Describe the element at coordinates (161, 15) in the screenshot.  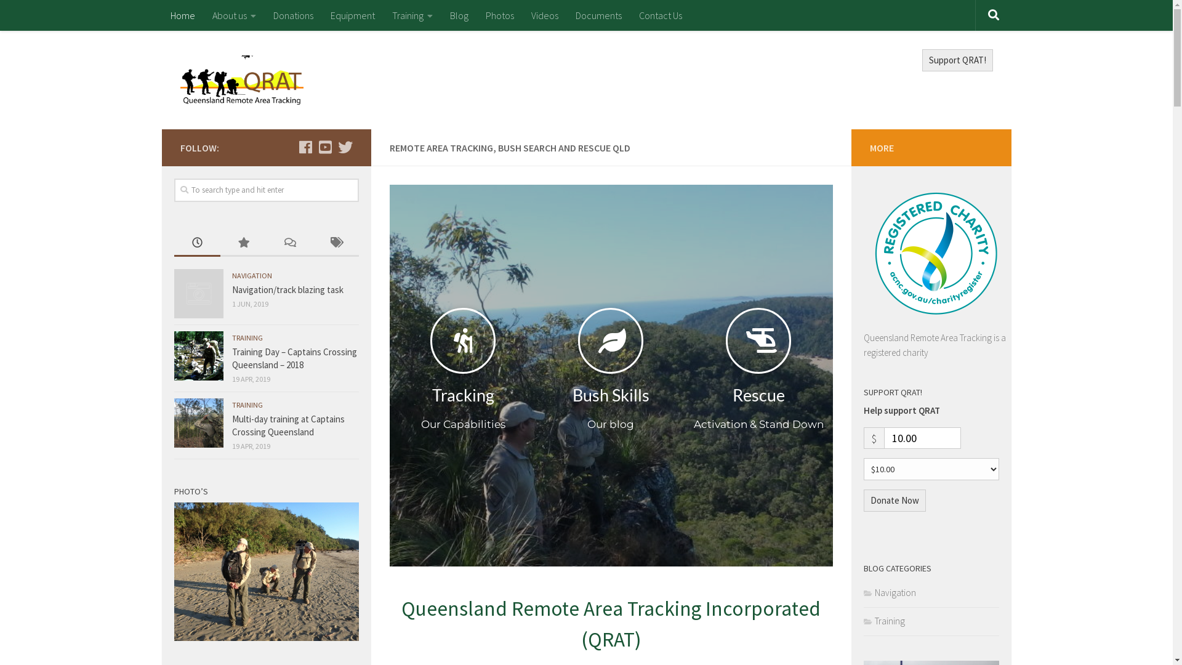
I see `'Home'` at that location.